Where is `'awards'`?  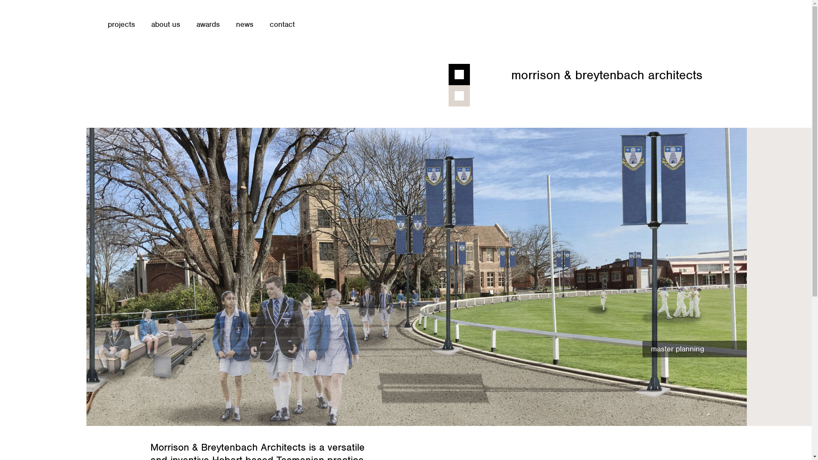
'awards' is located at coordinates (207, 24).